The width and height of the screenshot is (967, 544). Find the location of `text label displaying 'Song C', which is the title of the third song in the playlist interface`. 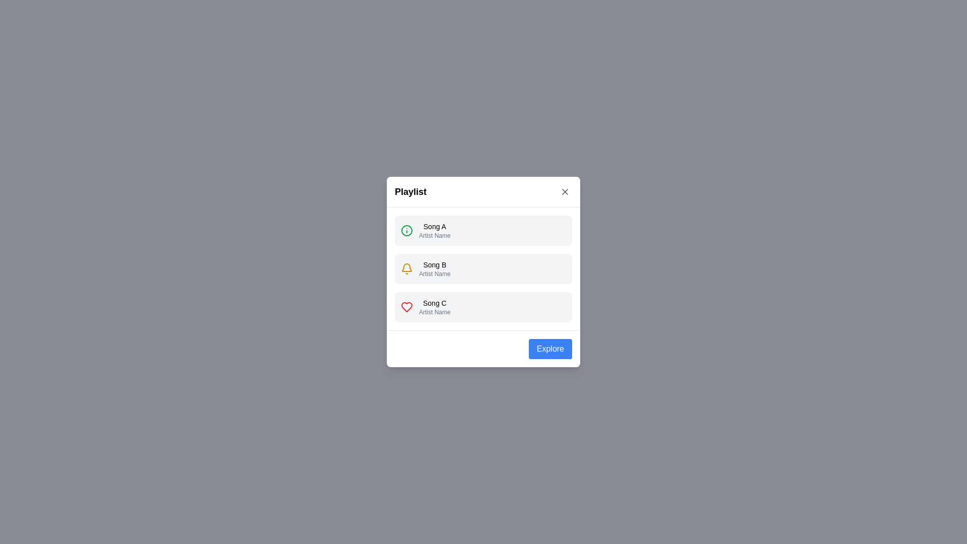

text label displaying 'Song C', which is the title of the third song in the playlist interface is located at coordinates (435, 302).